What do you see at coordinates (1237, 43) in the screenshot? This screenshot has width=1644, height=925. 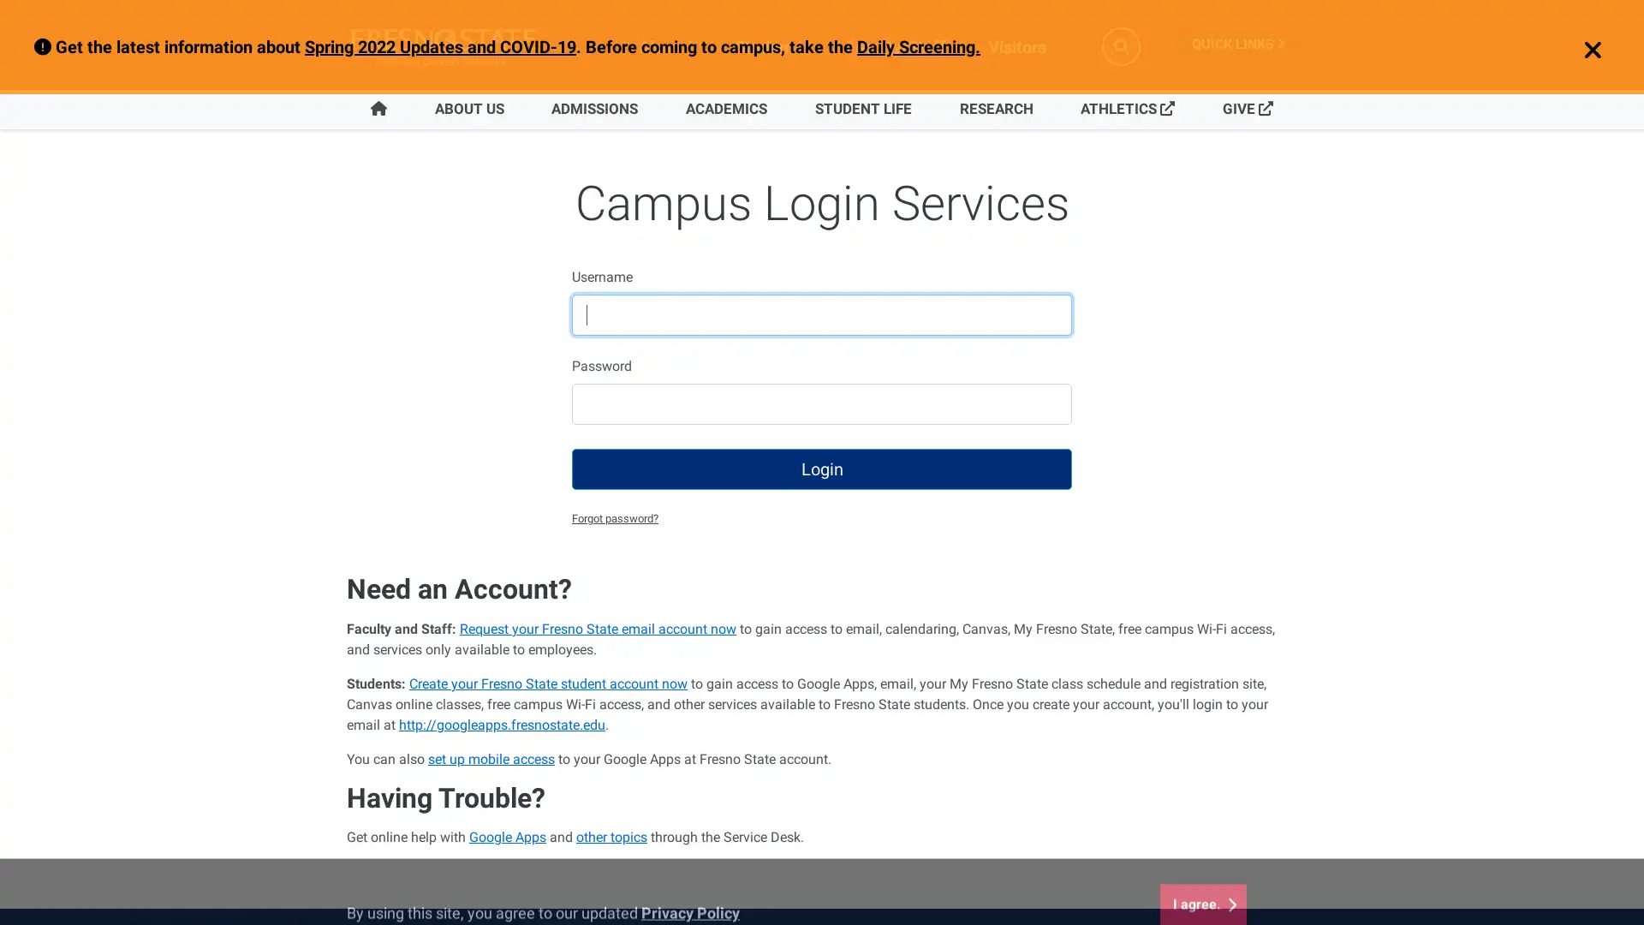 I see `QUICK LINKS` at bounding box center [1237, 43].